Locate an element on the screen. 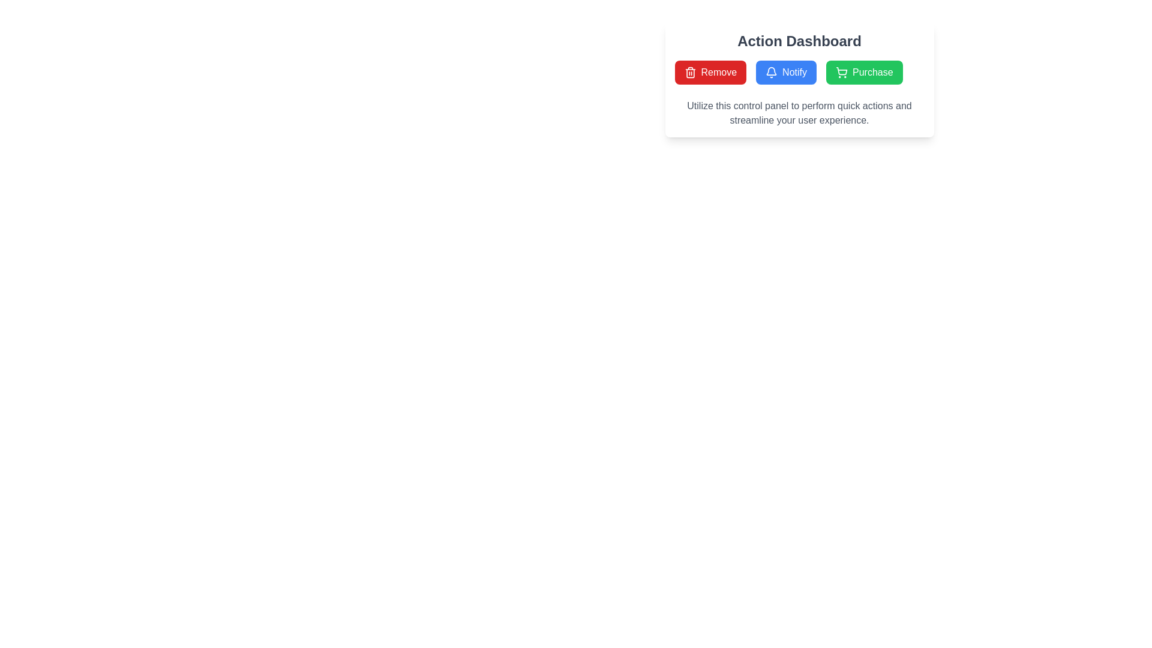 The image size is (1152, 648). the trash can icon within the red 'Remove' button is located at coordinates (690, 72).